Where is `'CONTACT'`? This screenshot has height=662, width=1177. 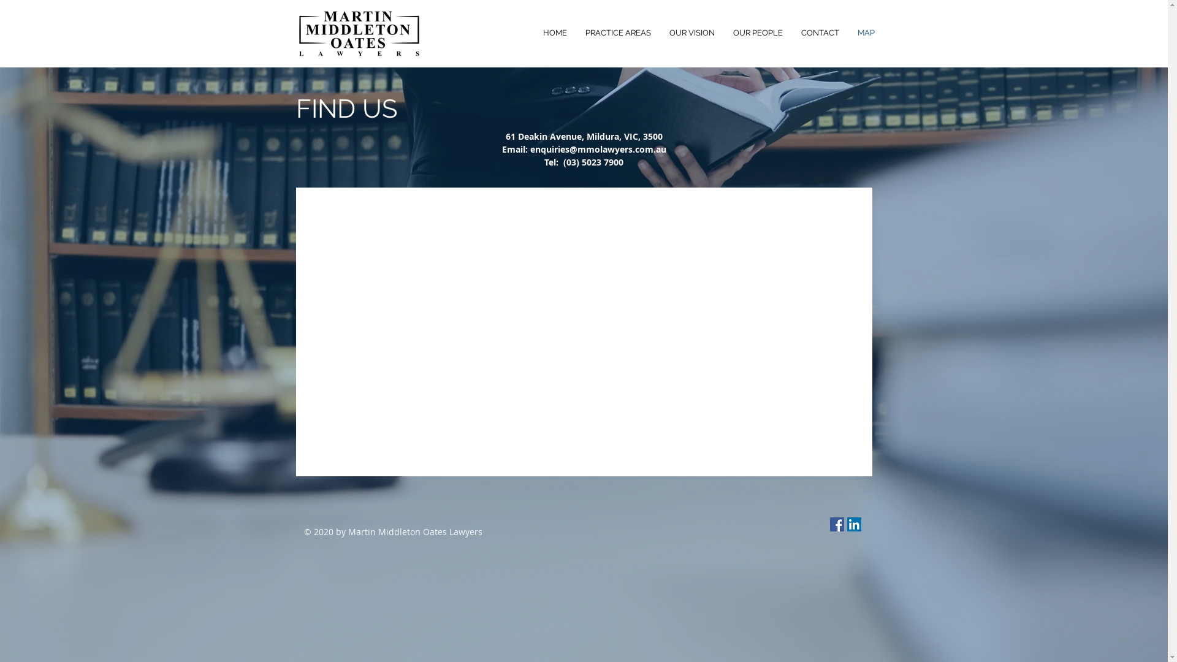 'CONTACT' is located at coordinates (820, 32).